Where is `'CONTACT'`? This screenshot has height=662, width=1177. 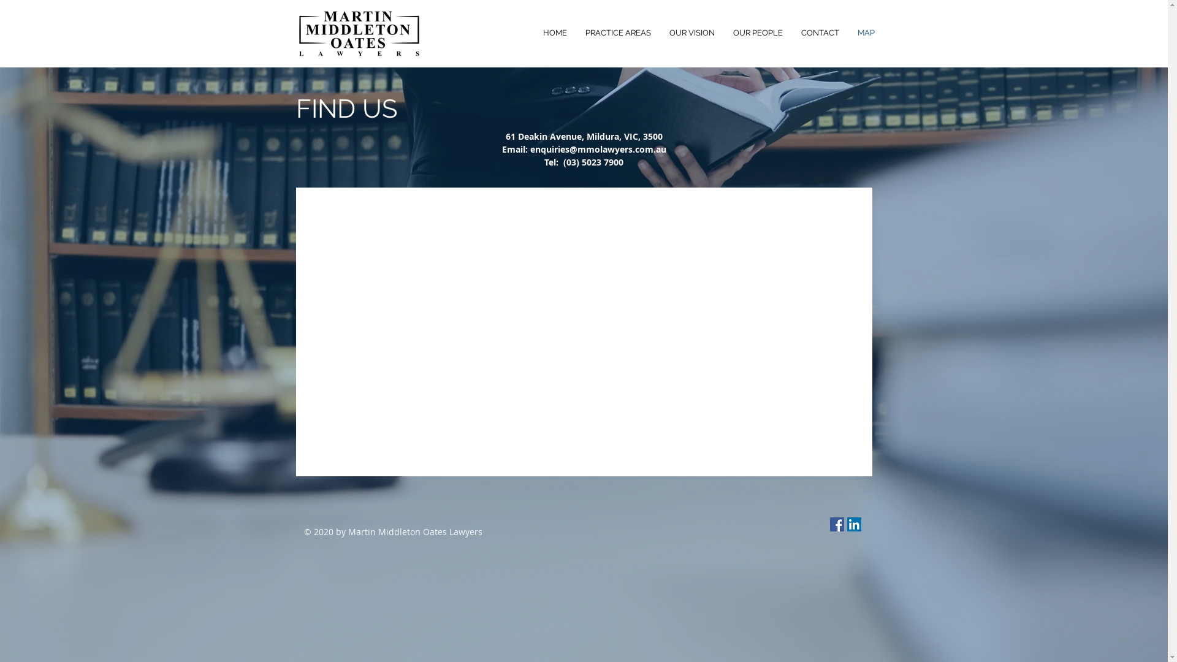 'CONTACT' is located at coordinates (820, 32).